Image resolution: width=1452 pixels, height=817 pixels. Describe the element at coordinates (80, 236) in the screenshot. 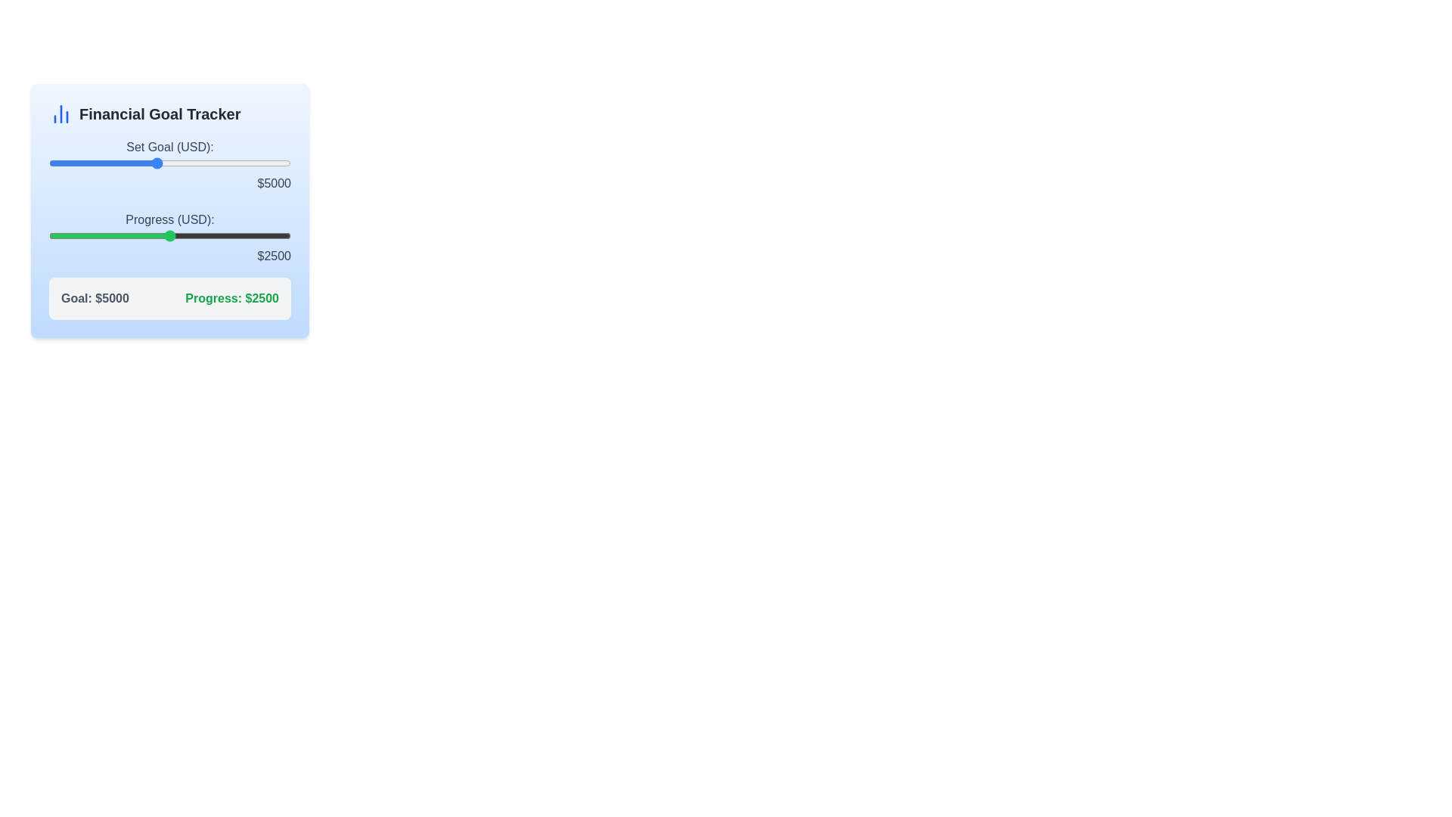

I see `the progress slider to 658 USD` at that location.